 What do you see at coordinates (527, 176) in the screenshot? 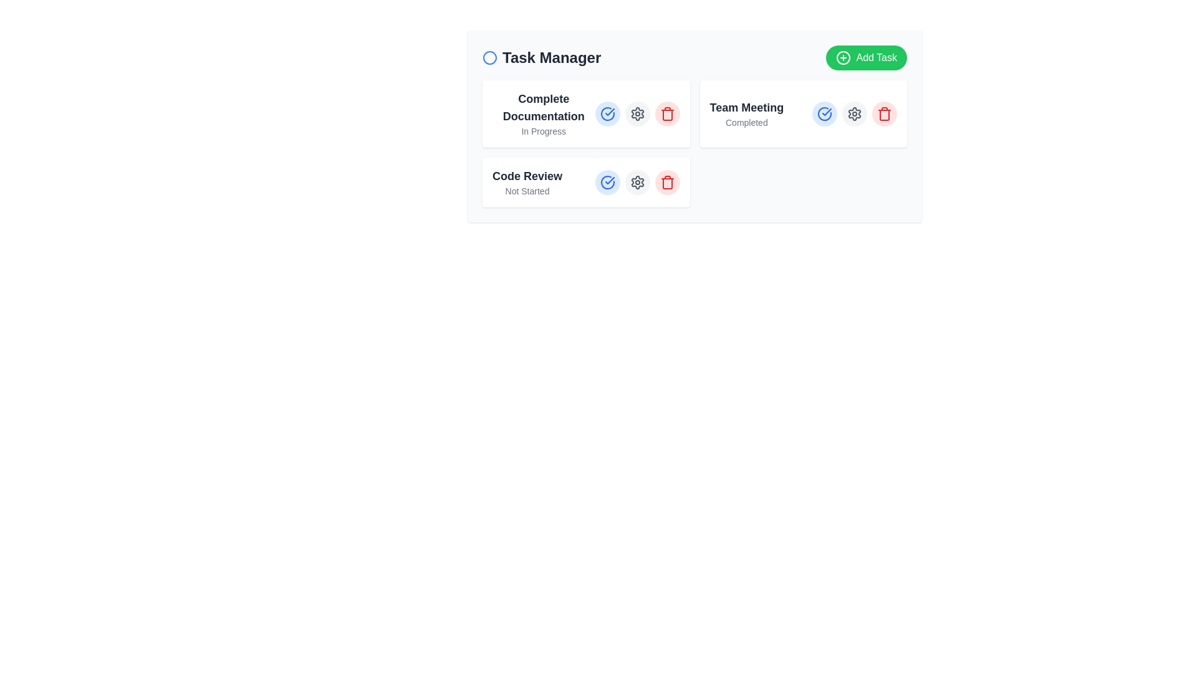
I see `the 'Code Review' text label in the task manager interface, which identifies the task and is located in the lower-left card of the task list` at bounding box center [527, 176].